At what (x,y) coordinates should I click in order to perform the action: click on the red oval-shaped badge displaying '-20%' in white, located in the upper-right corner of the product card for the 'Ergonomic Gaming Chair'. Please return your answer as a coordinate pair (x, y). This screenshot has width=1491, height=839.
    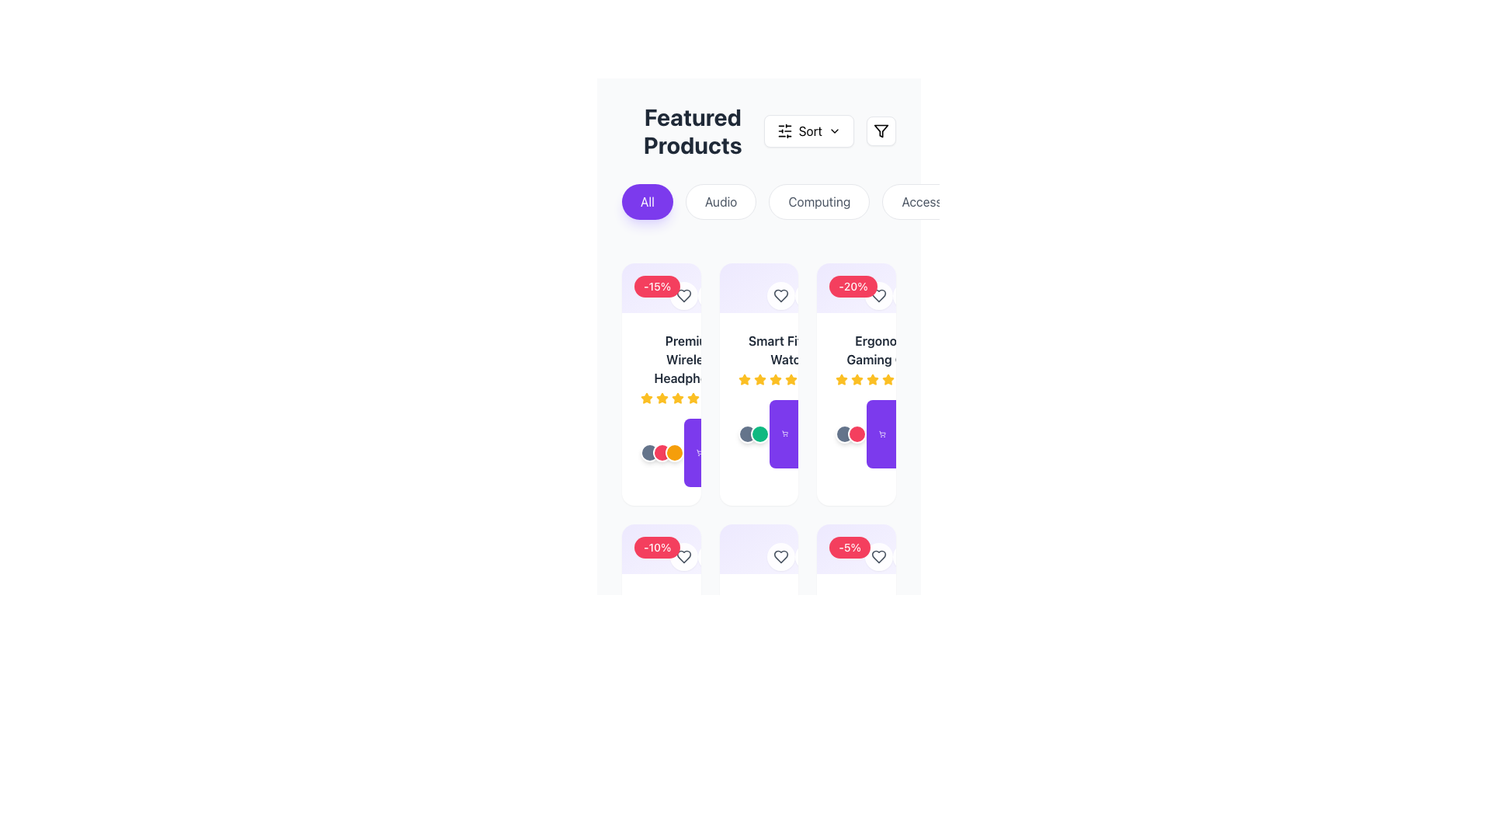
    Looking at the image, I should click on (854, 293).